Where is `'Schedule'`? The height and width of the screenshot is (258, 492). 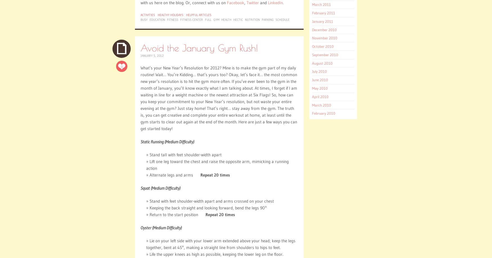
'Schedule' is located at coordinates (282, 20).